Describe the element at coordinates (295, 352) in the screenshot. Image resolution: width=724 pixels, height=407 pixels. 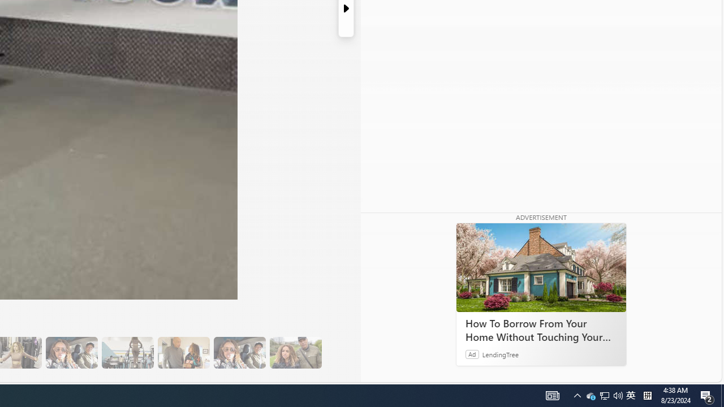
I see `'20 Overall, It Will Improve Your Health'` at that location.